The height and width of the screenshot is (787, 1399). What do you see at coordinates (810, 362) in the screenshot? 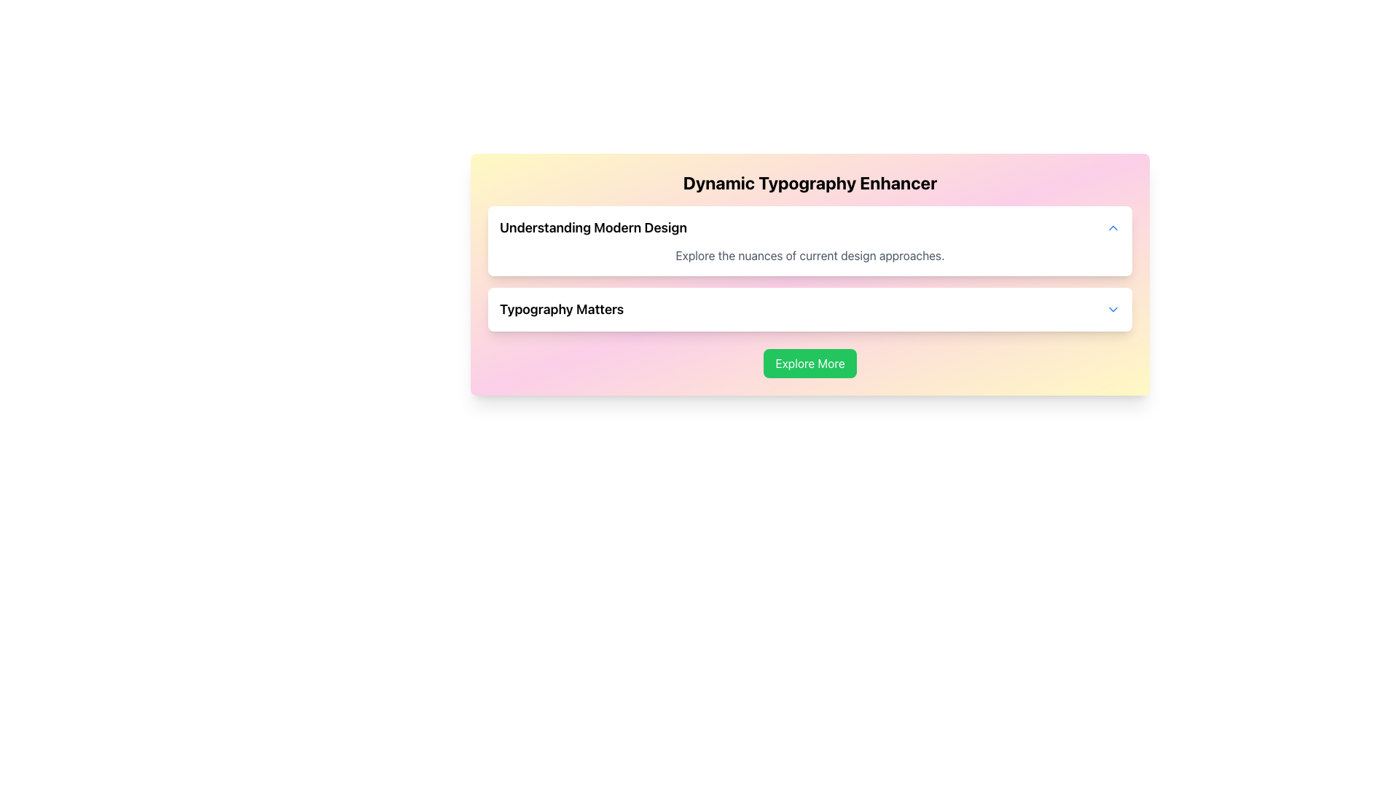
I see `the 'Explore More' button, which is a green rectangular button with white text, located beneath the 'Typography Matters' card in the 'Dynamic Typography Enhancer' application` at bounding box center [810, 362].